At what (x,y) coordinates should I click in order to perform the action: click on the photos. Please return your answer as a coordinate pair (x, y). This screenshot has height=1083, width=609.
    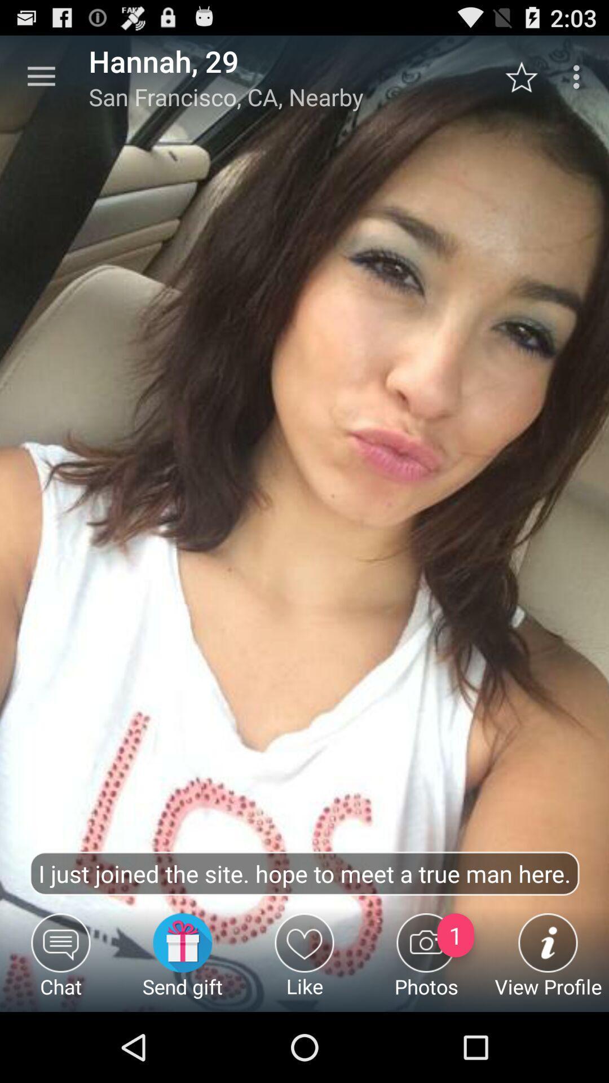
    Looking at the image, I should click on (426, 962).